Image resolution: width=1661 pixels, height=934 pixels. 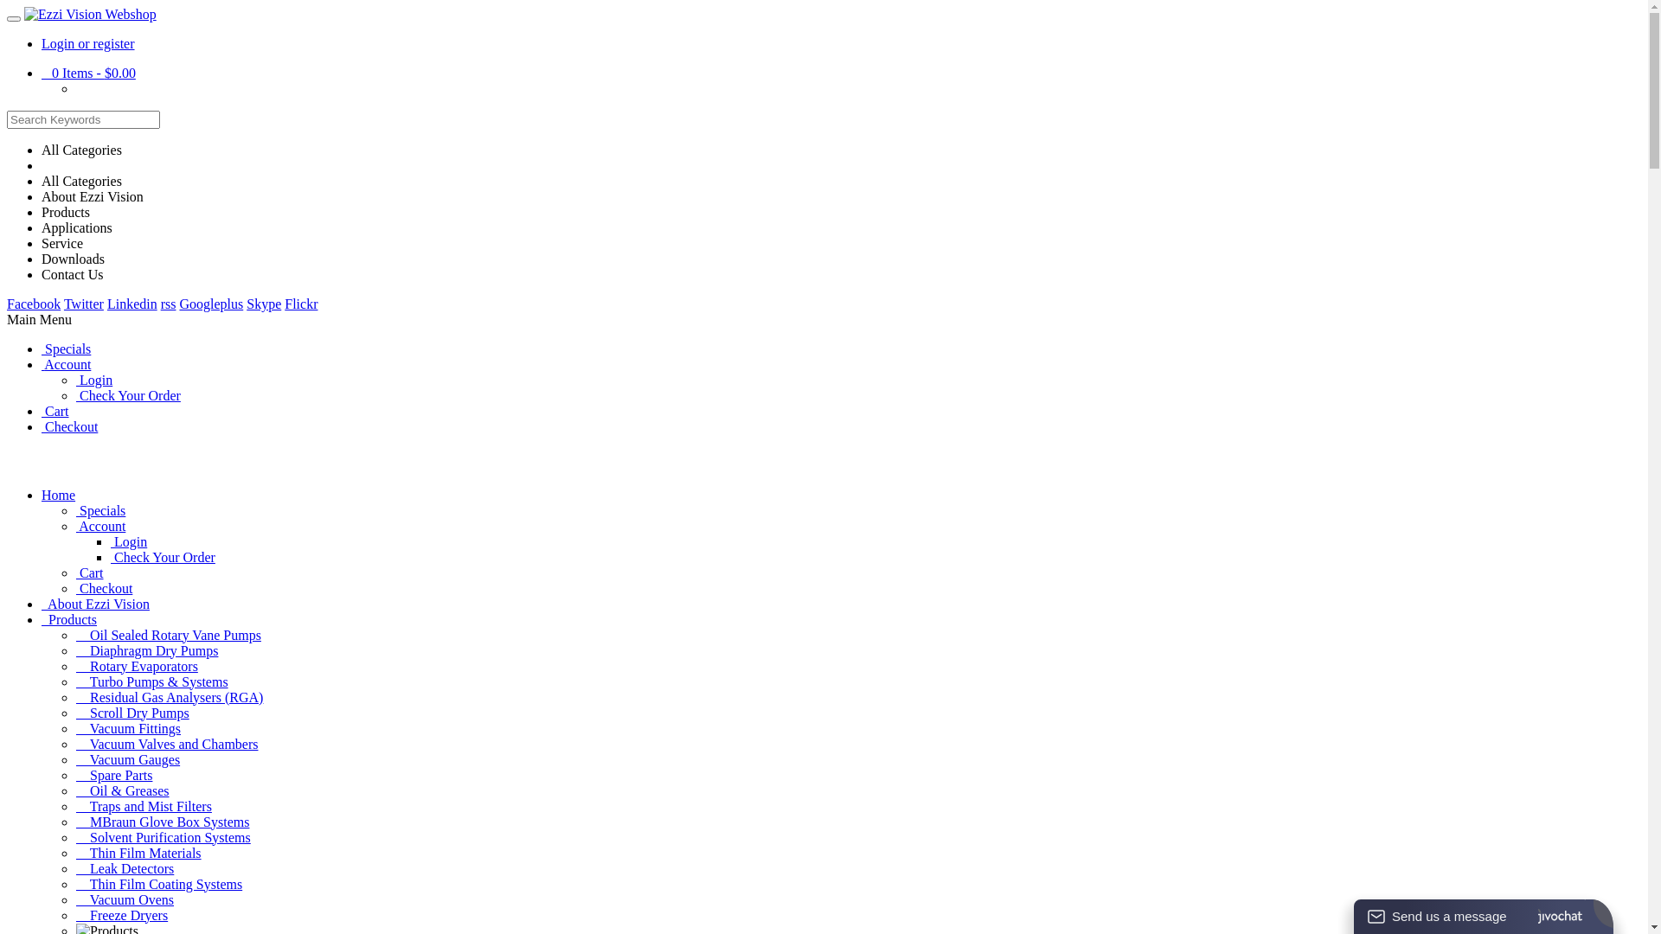 What do you see at coordinates (87, 42) in the screenshot?
I see `'Login or register'` at bounding box center [87, 42].